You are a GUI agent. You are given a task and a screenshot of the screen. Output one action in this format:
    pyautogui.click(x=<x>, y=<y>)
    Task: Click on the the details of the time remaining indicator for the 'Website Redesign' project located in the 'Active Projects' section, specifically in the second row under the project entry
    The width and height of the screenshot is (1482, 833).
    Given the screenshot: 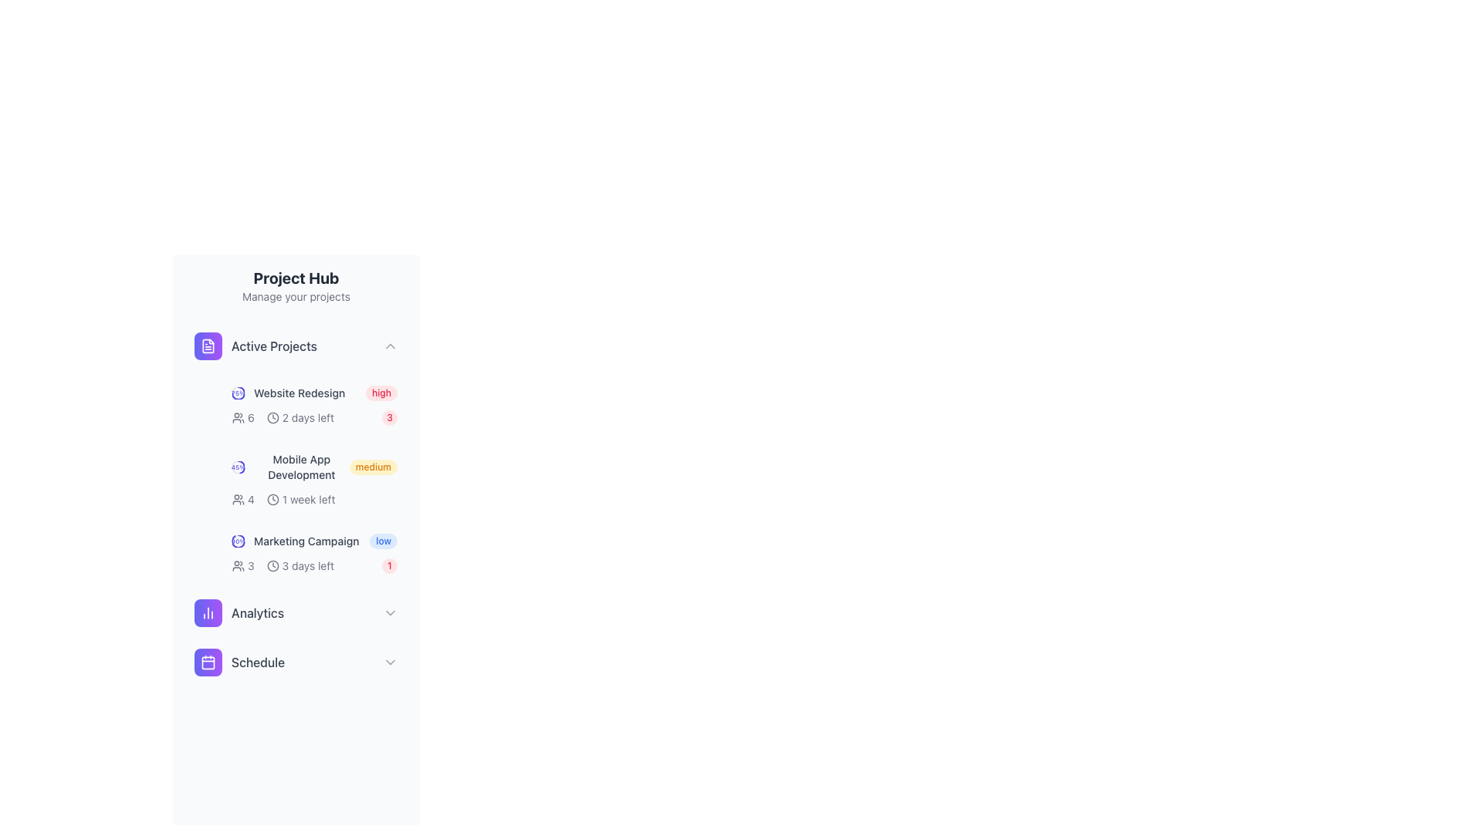 What is the action you would take?
    pyautogui.click(x=314, y=418)
    